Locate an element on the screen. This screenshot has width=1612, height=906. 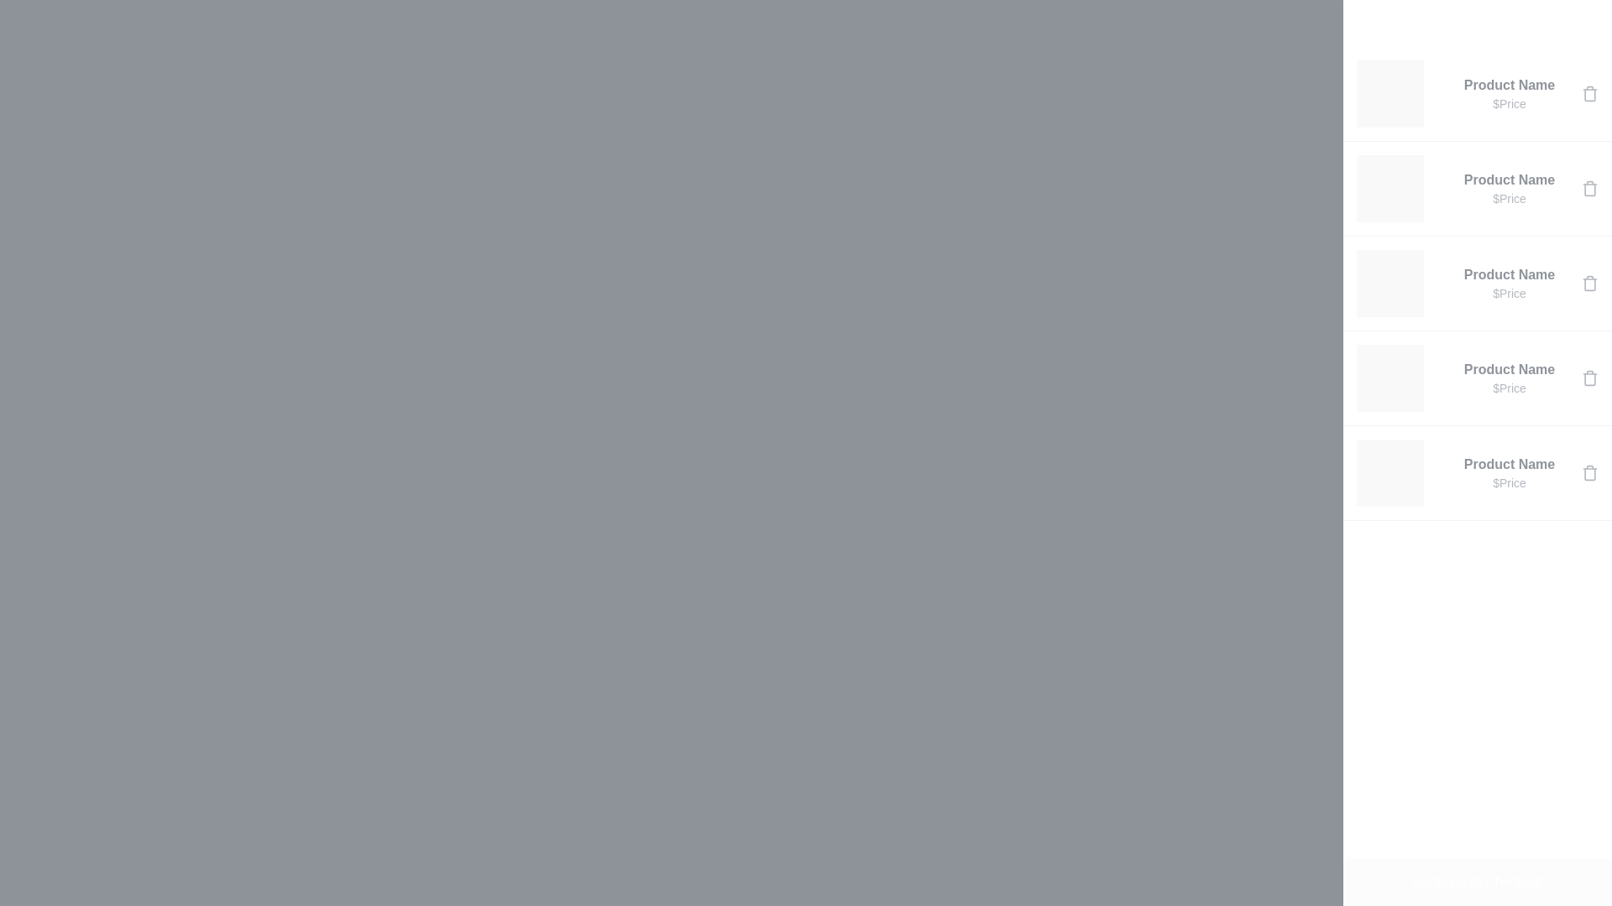
the middle vertical line of the trash can icon, which is styled with a light gray outline and denotes delete functionality, located at the fourth position in the list of items containing 'Product Name' and price information is located at coordinates (1589, 378).